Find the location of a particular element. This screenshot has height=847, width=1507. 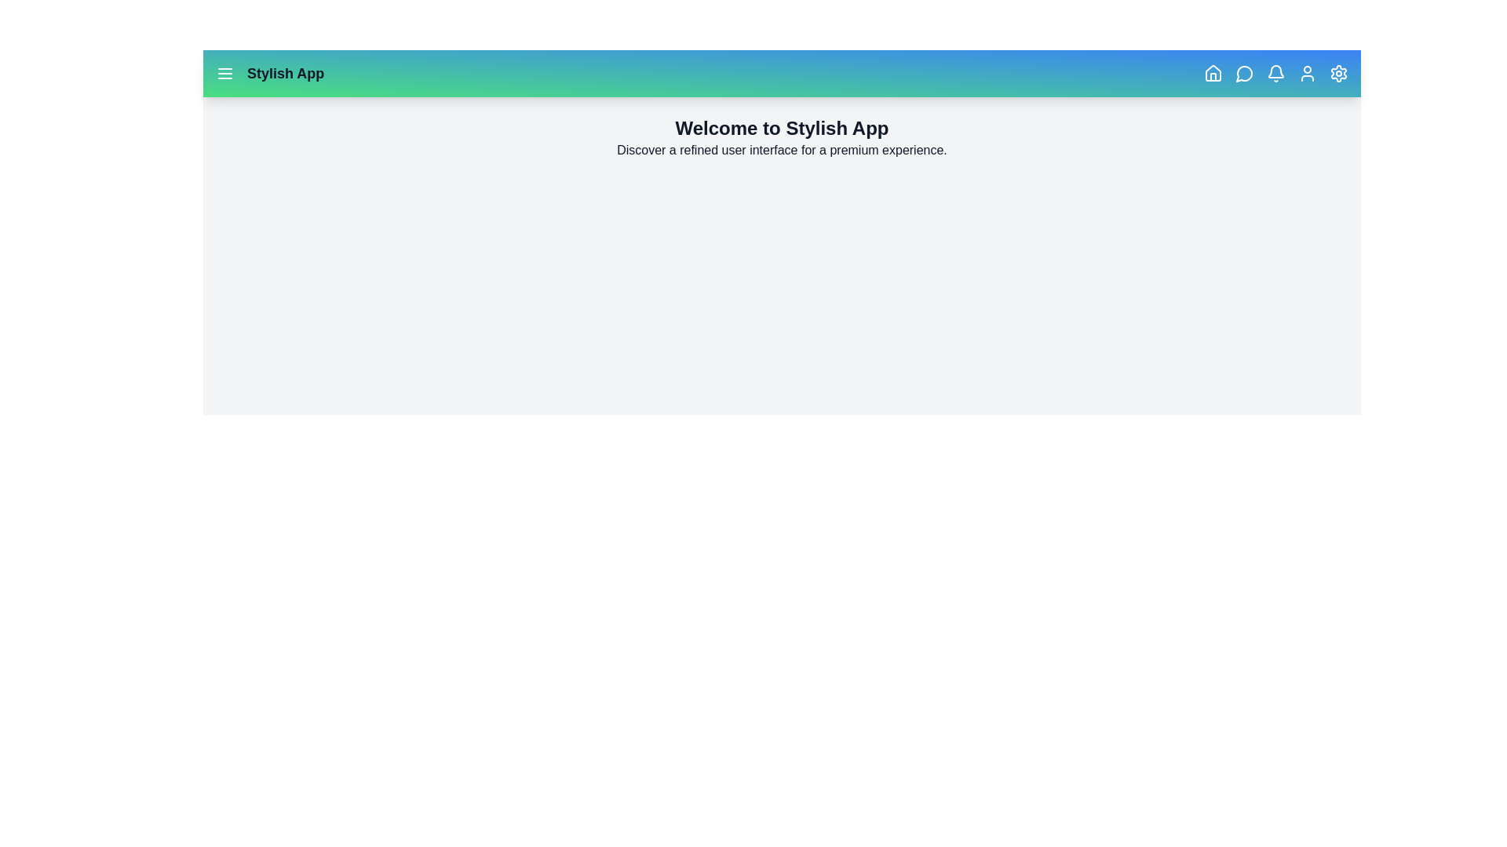

the menu button to toggle the navigation menu is located at coordinates (224, 73).